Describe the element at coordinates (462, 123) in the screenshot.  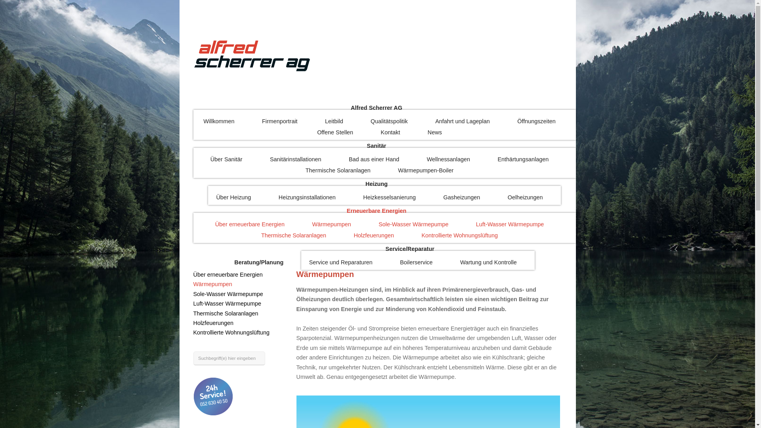
I see `'Anfahrt und Lageplan'` at that location.